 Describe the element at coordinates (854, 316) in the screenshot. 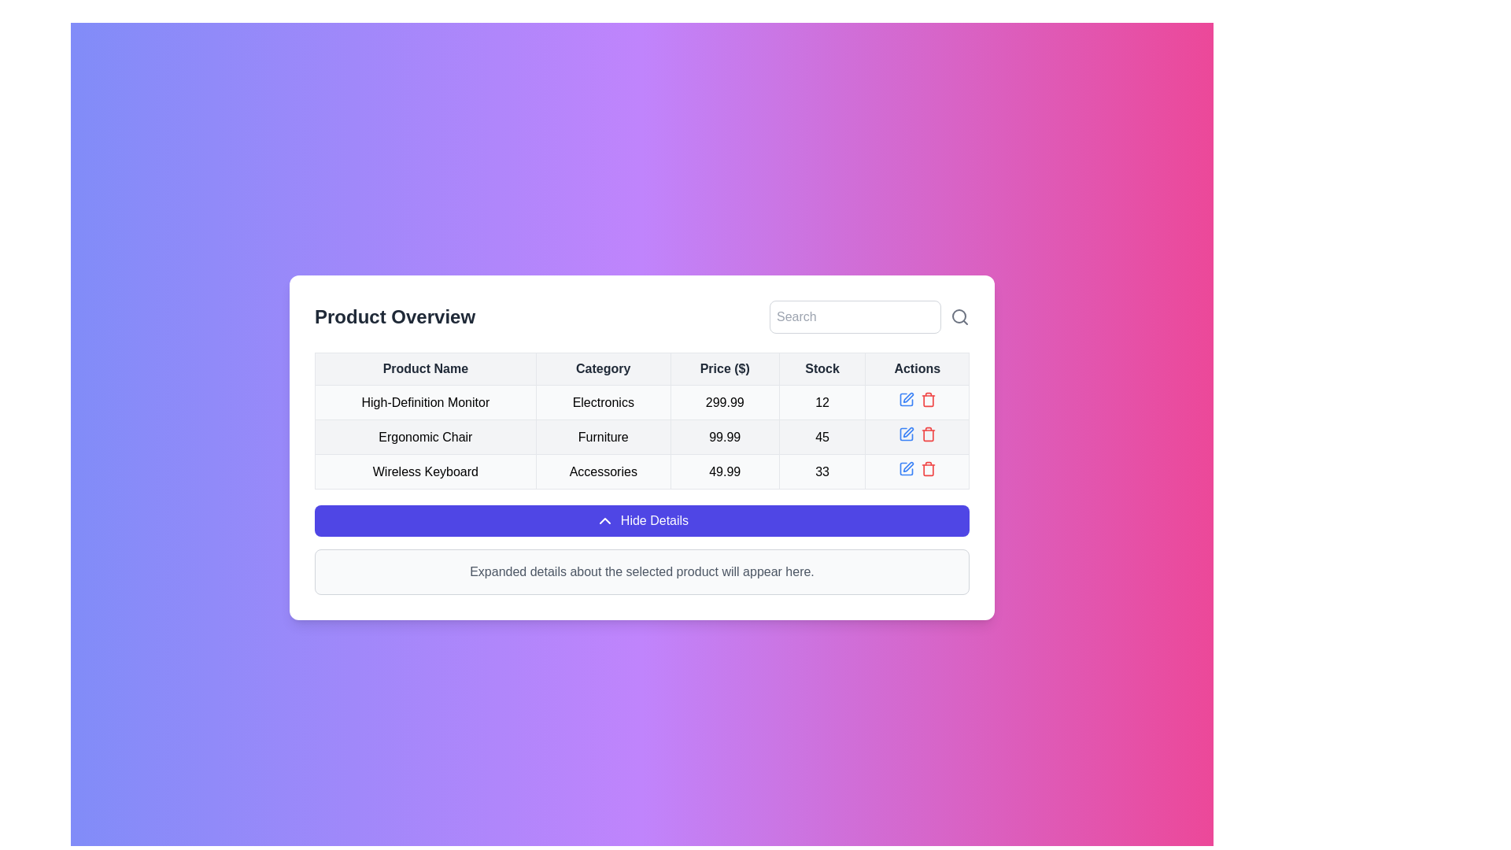

I see `to highlight text in the Text input field located at the top-right corner of the content area` at that location.